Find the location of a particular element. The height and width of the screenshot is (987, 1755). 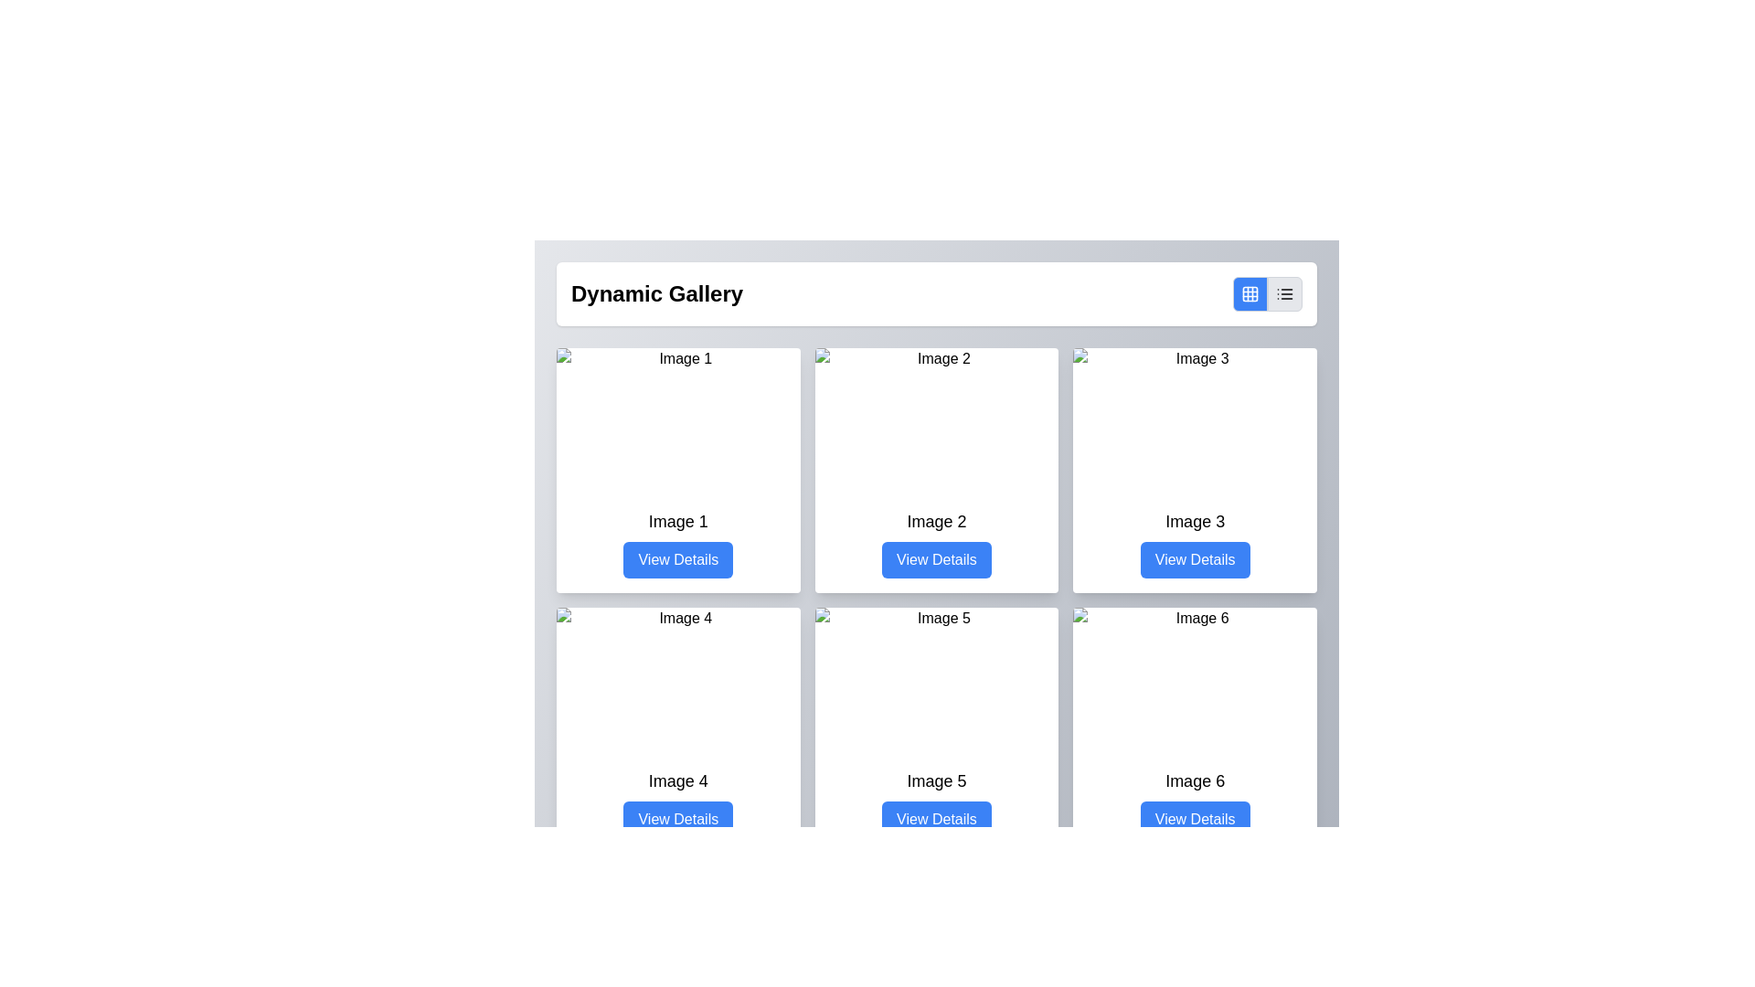

the static text label that indicates the gallery section, positioned at the top-left of the gray header area is located at coordinates (657, 292).